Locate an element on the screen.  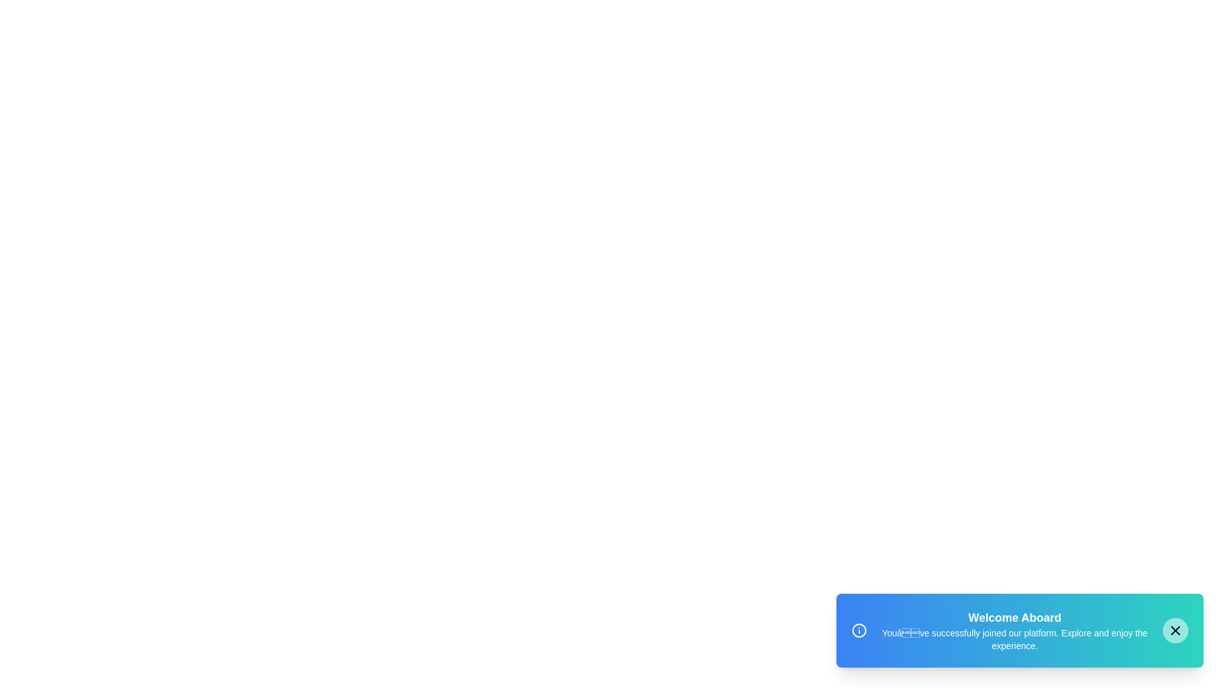
the information icon in the snackbar is located at coordinates (859, 631).